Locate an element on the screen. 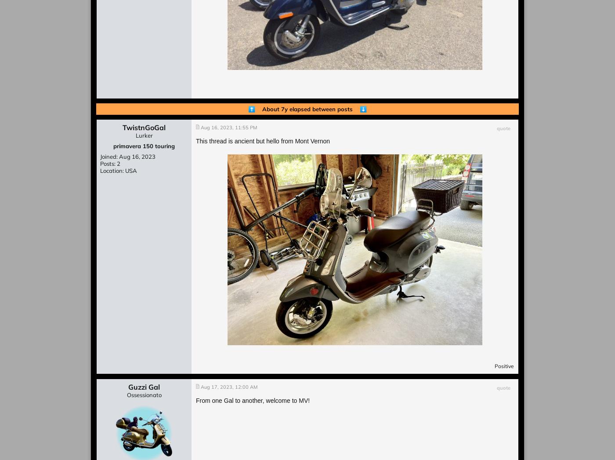 This screenshot has height=460, width=615. 'Aug 17, 2023, 12:00 AM' is located at coordinates (229, 386).